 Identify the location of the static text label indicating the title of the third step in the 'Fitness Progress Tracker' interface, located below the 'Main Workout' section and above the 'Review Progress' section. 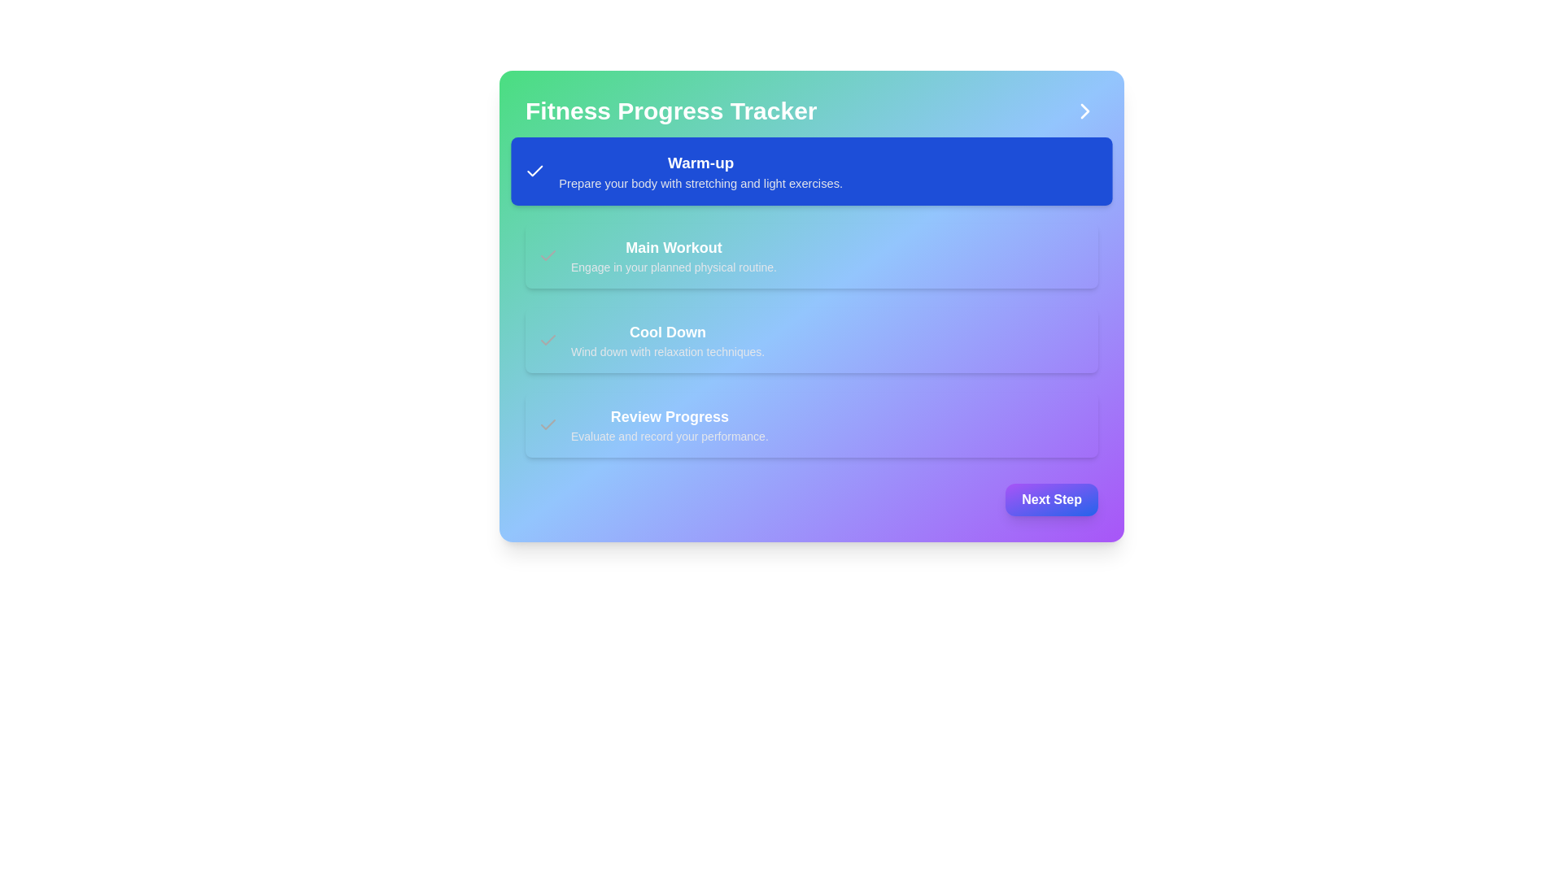
(667, 331).